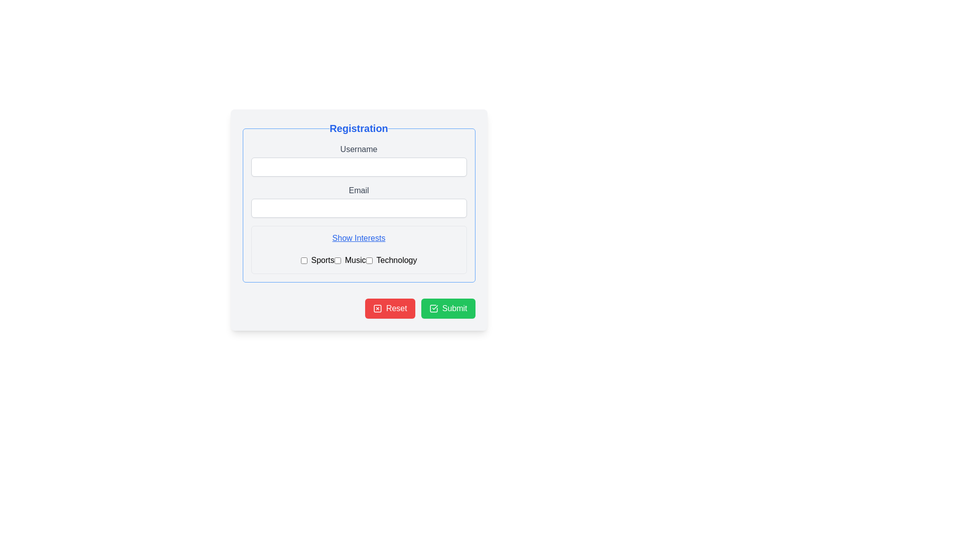 Image resolution: width=963 pixels, height=542 pixels. What do you see at coordinates (433, 308) in the screenshot?
I see `the 'Submit' button represented by the graphic/icon located at the bottom right of the registration form to confirm the action` at bounding box center [433, 308].